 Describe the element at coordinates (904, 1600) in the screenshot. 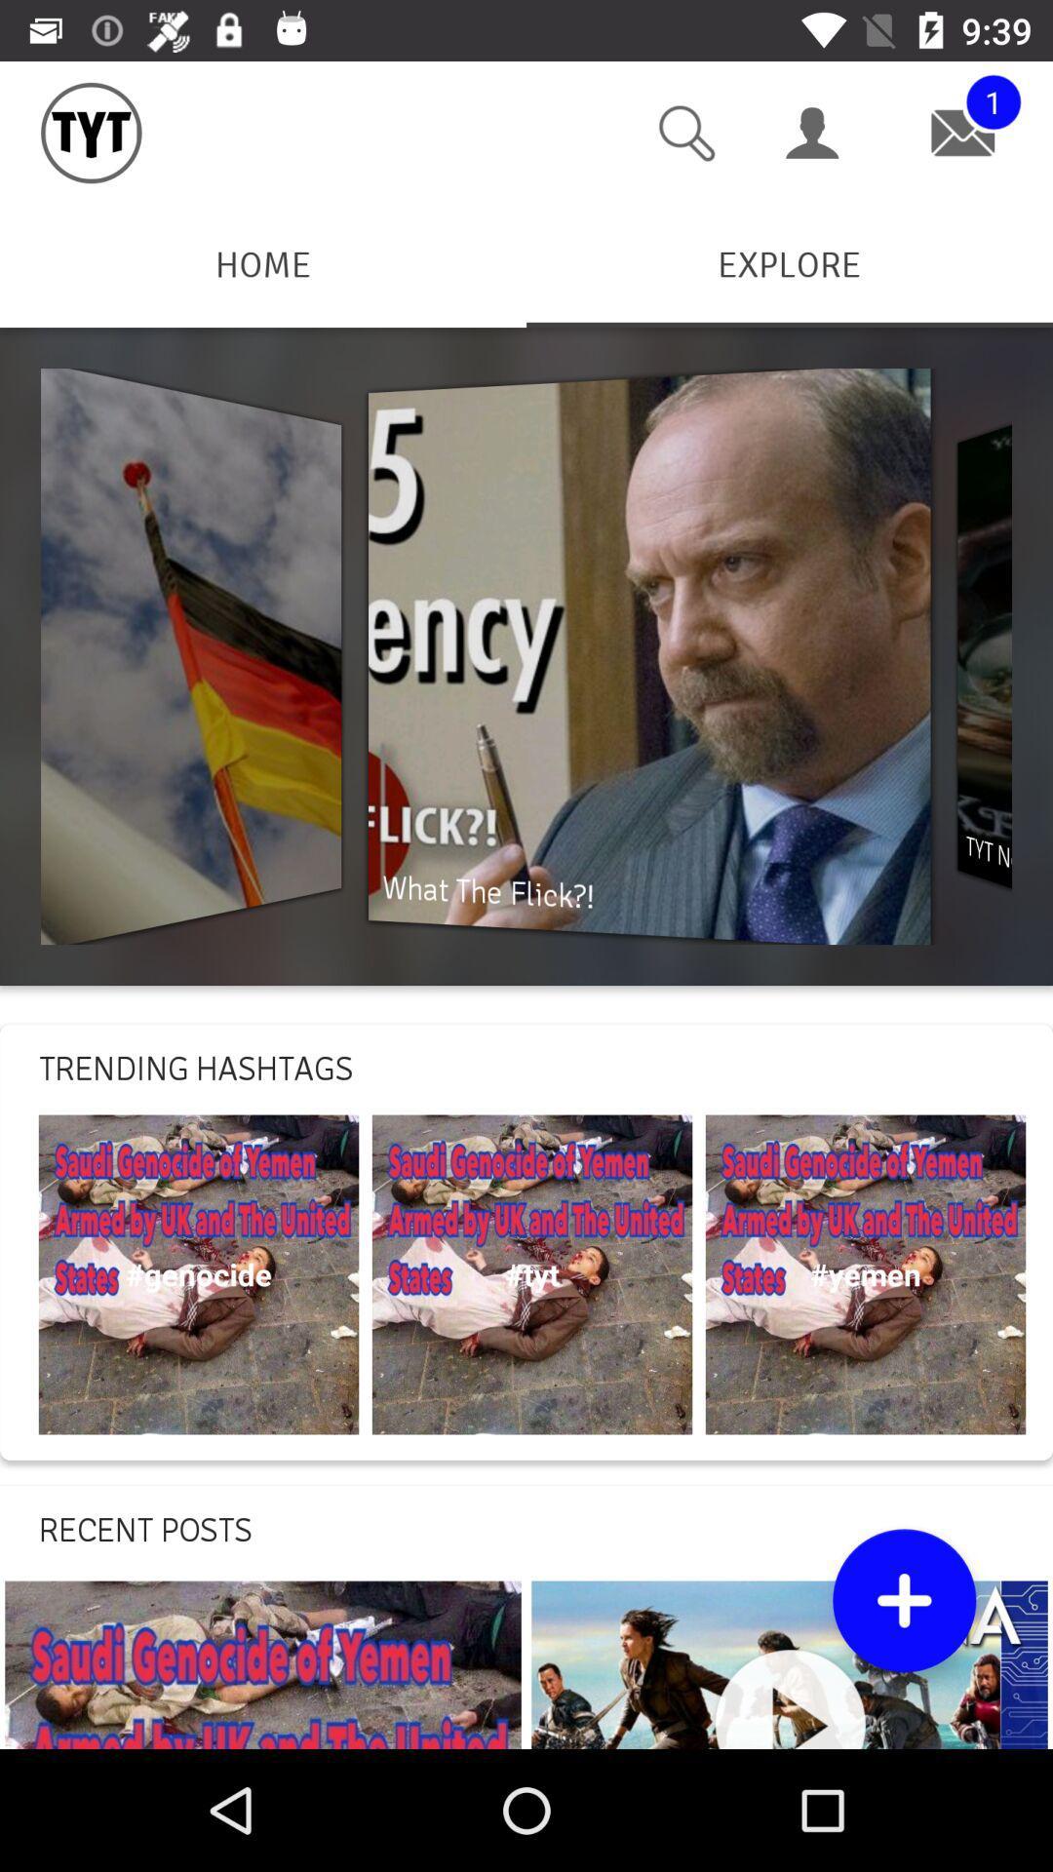

I see `the add icon` at that location.